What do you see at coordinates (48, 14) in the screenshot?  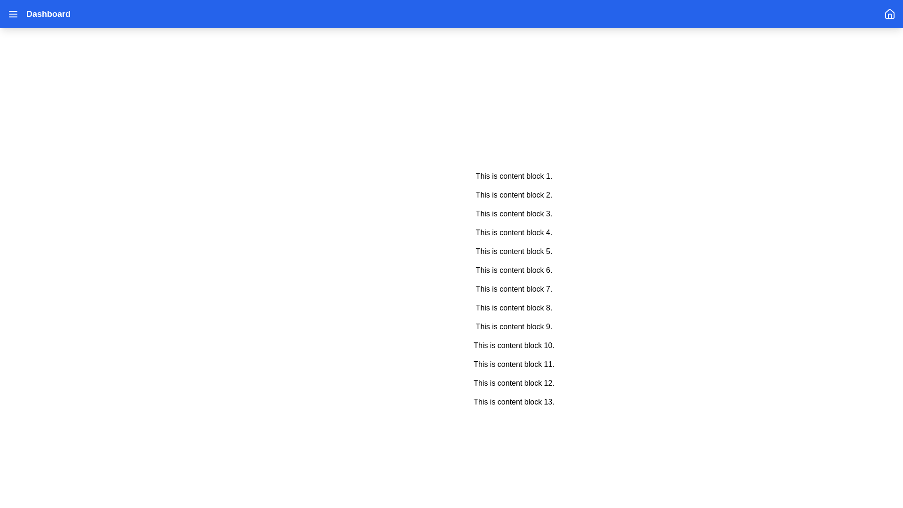 I see `text content of the 'Dashboard' label, which is prominently styled and located in the top-left section of the interface, next to the menu icon` at bounding box center [48, 14].